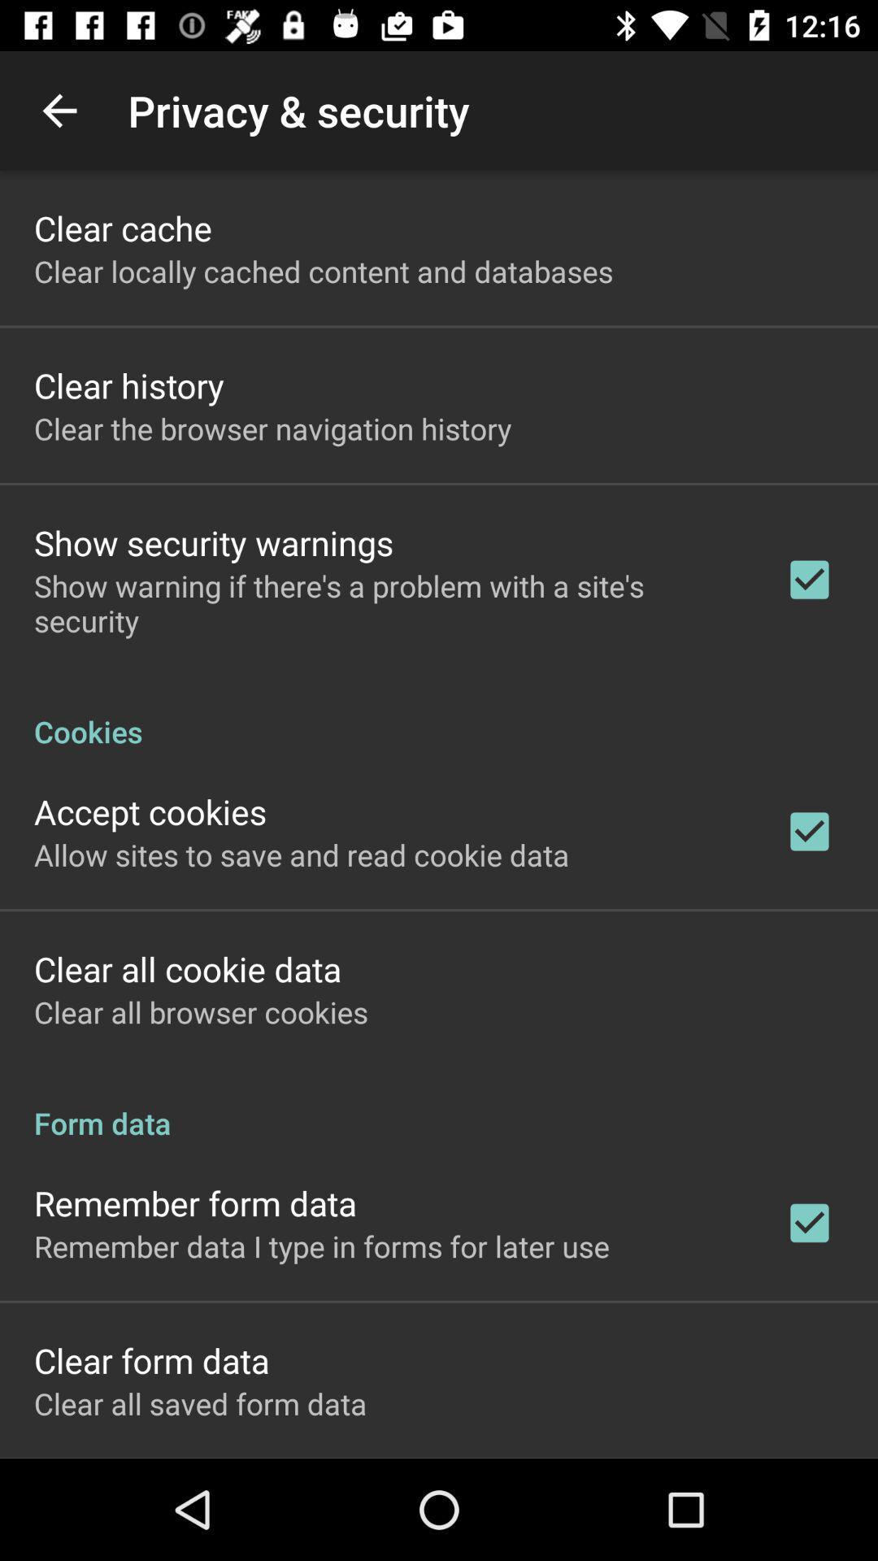 This screenshot has width=878, height=1561. Describe the element at coordinates (122, 227) in the screenshot. I see `the item above clear locally cached item` at that location.